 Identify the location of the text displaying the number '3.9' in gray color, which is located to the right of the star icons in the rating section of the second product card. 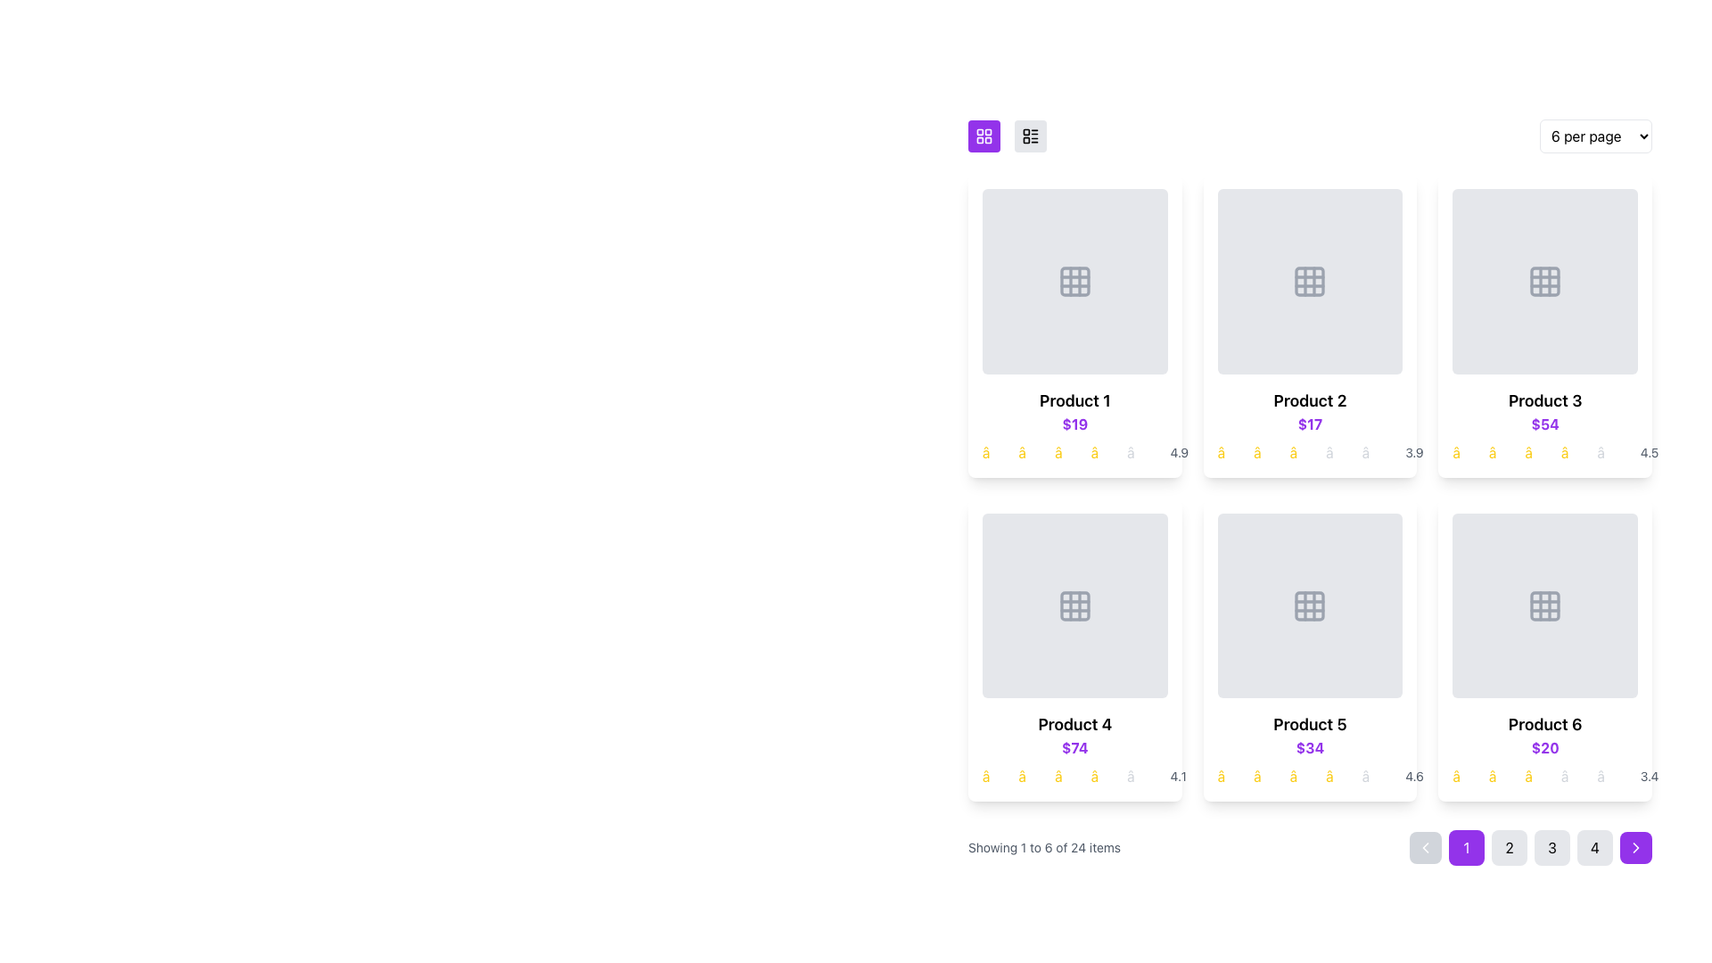
(1413, 451).